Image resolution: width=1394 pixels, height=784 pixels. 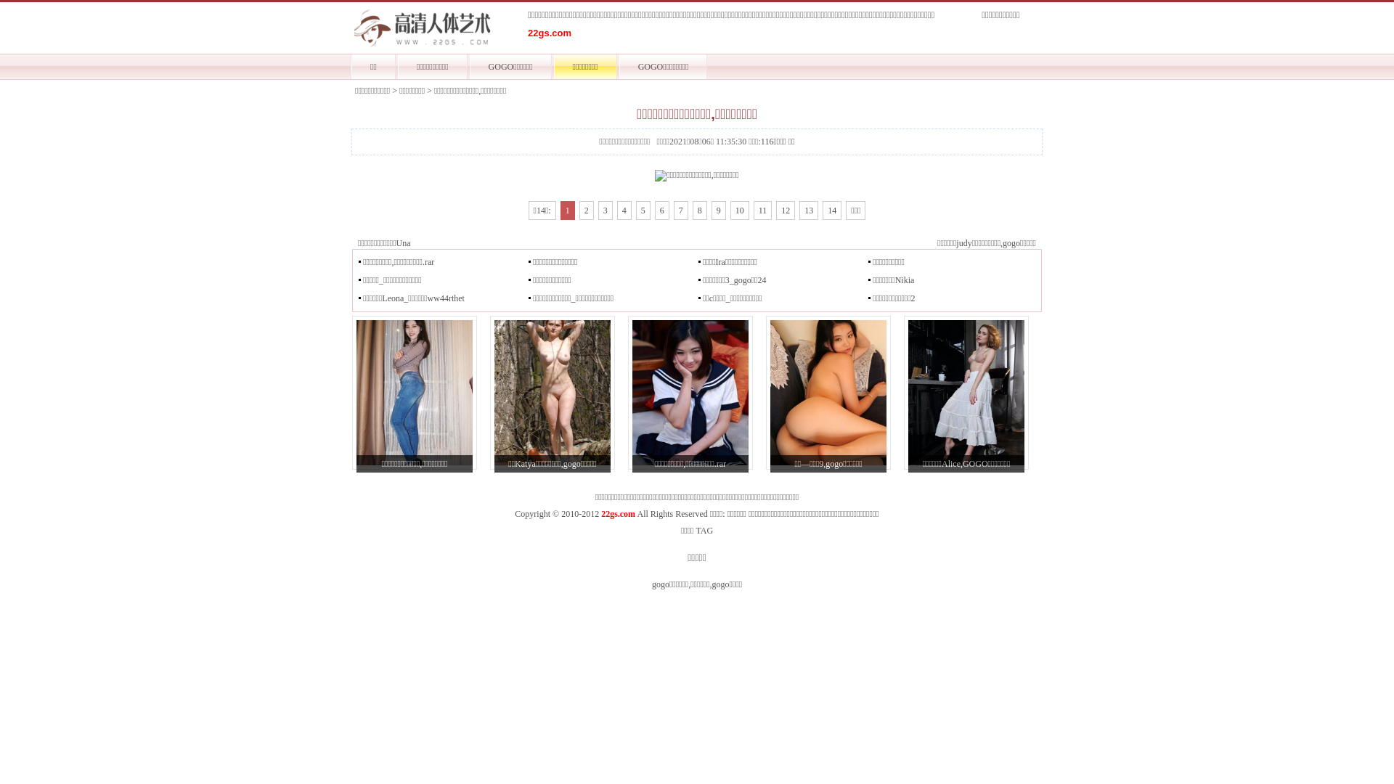 What do you see at coordinates (700, 210) in the screenshot?
I see `'8'` at bounding box center [700, 210].